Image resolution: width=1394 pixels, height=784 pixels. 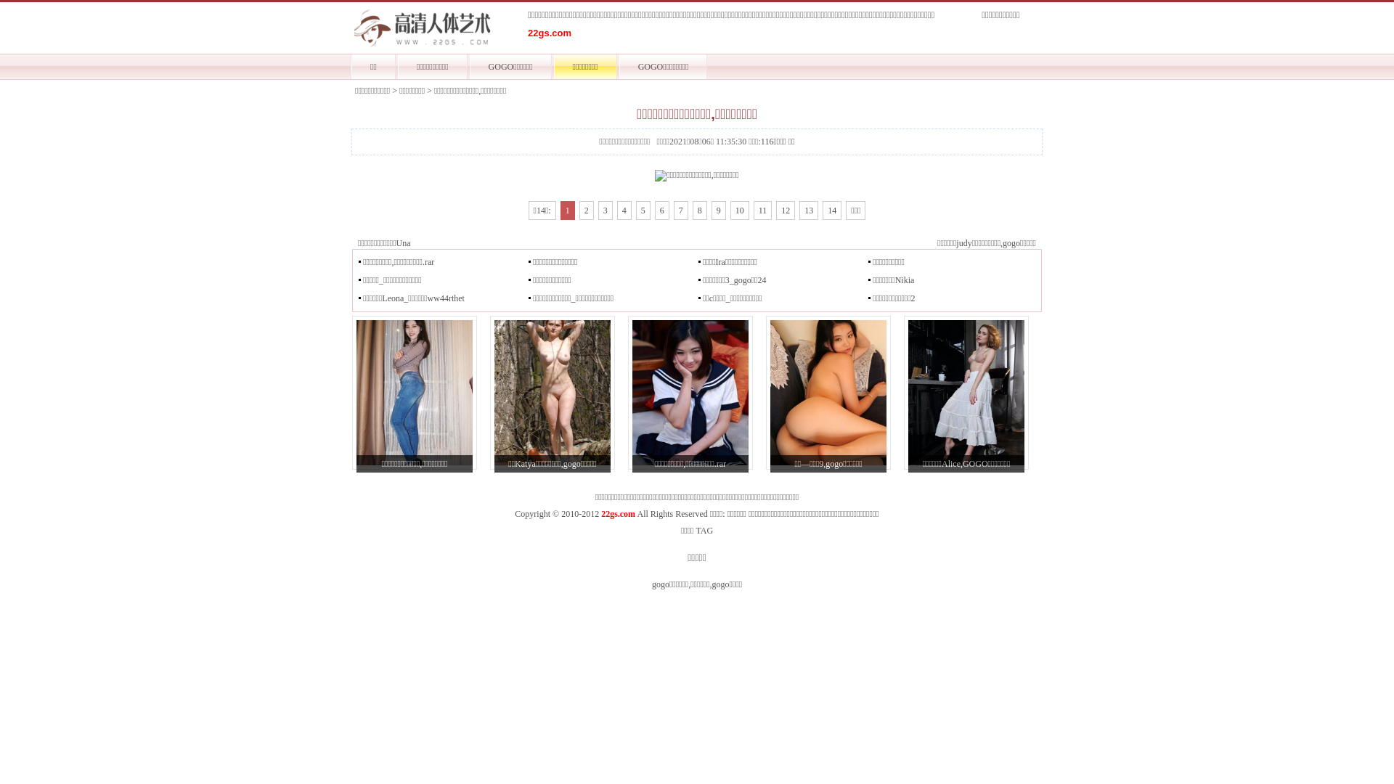 What do you see at coordinates (700, 210) in the screenshot?
I see `'8'` at bounding box center [700, 210].